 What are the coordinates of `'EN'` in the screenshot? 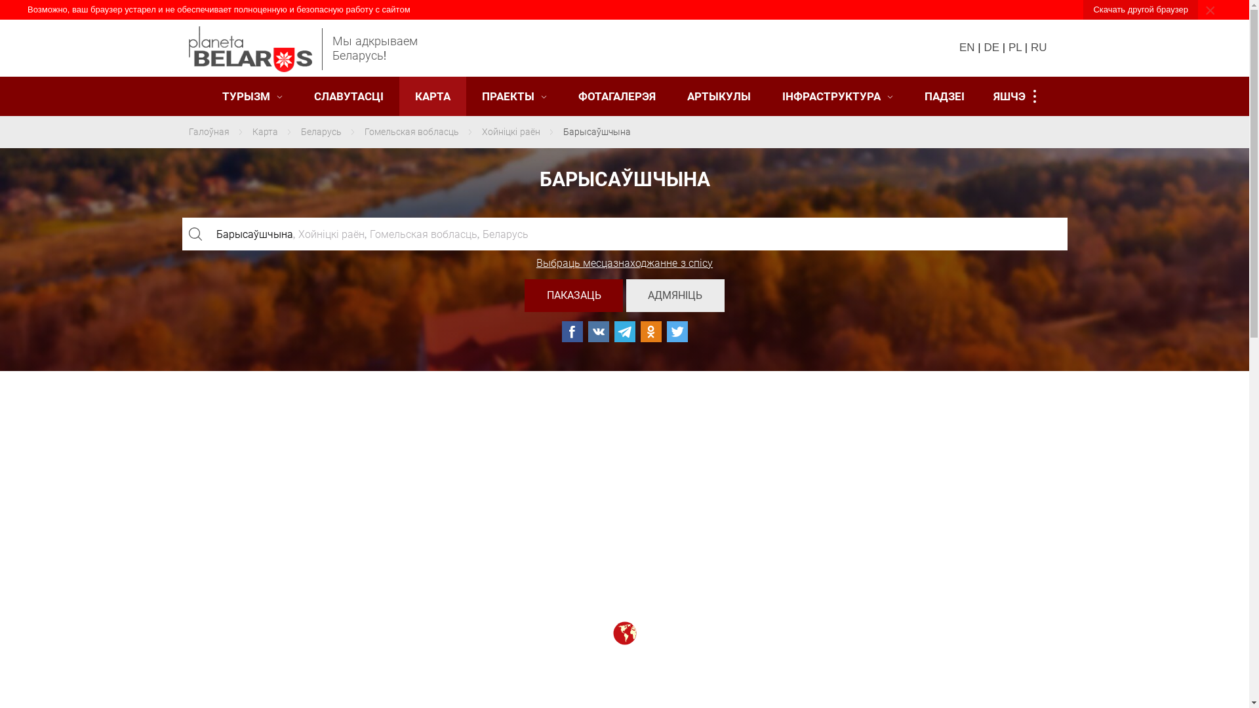 It's located at (959, 47).